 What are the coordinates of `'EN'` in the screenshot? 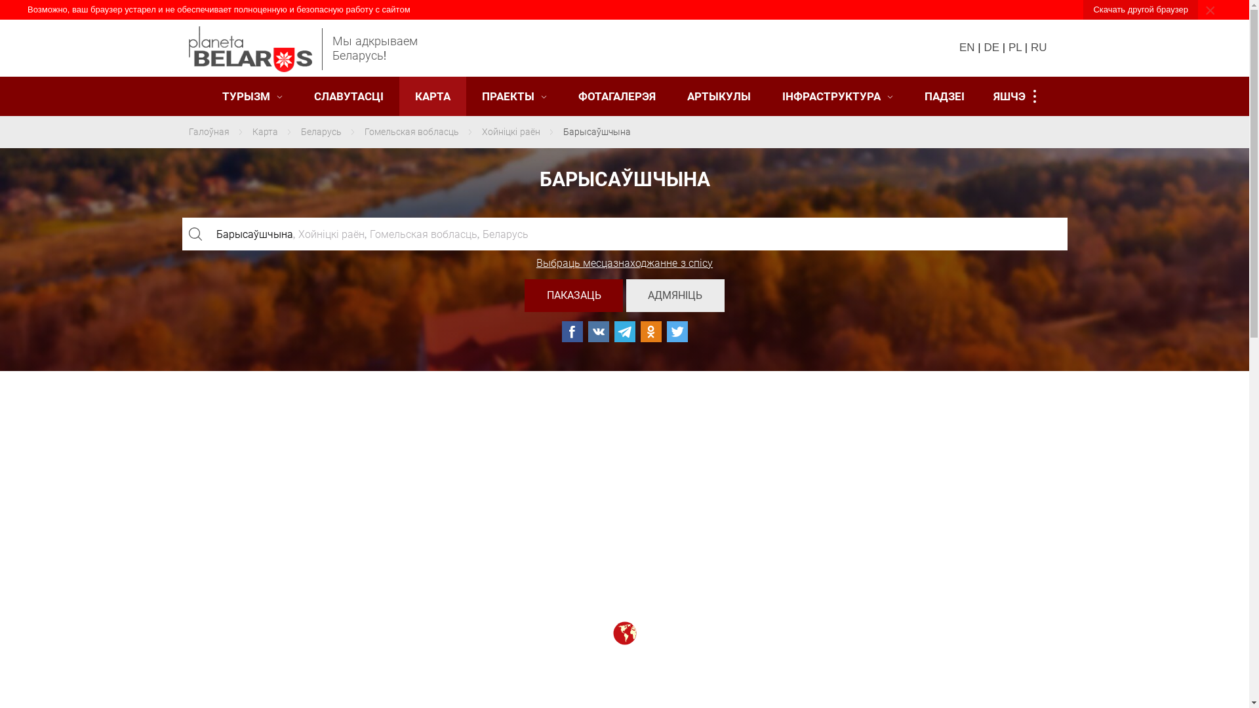 It's located at (959, 47).